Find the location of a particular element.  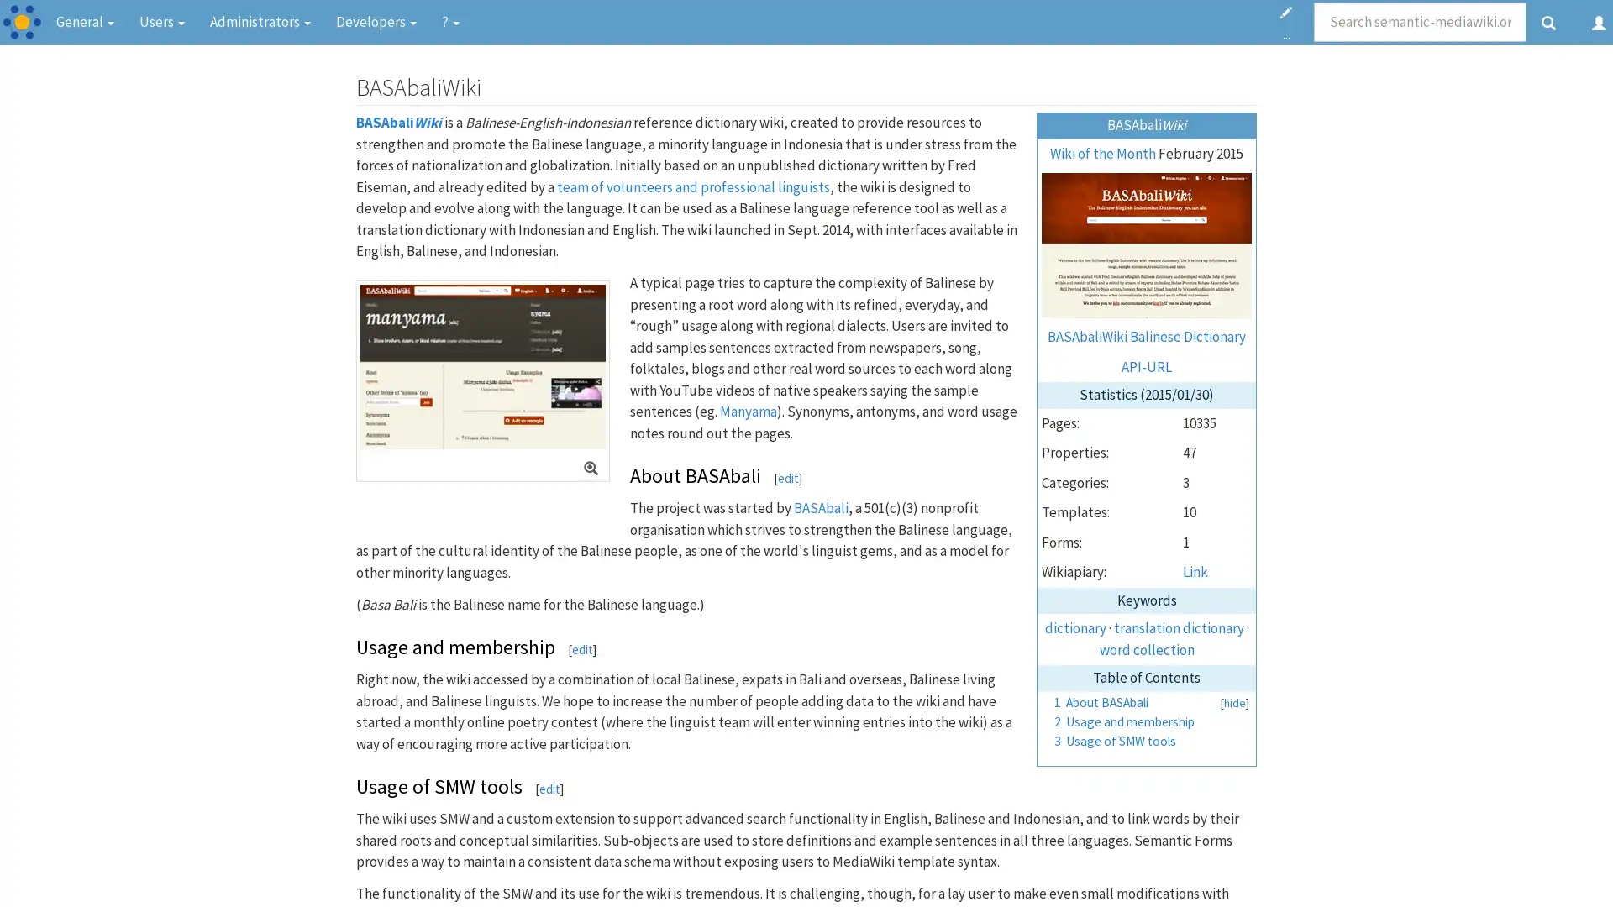

hide is located at coordinates (1234, 702).